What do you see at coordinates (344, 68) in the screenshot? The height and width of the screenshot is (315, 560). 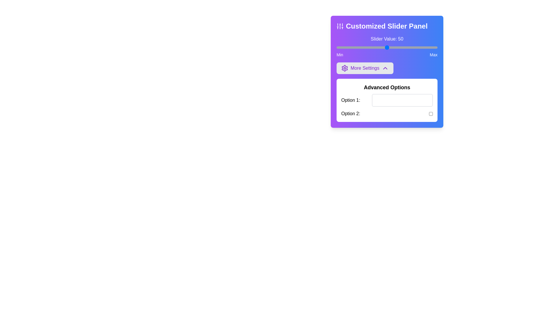 I see `the settings gear icon located on the left side of the 'More Settings' button` at bounding box center [344, 68].